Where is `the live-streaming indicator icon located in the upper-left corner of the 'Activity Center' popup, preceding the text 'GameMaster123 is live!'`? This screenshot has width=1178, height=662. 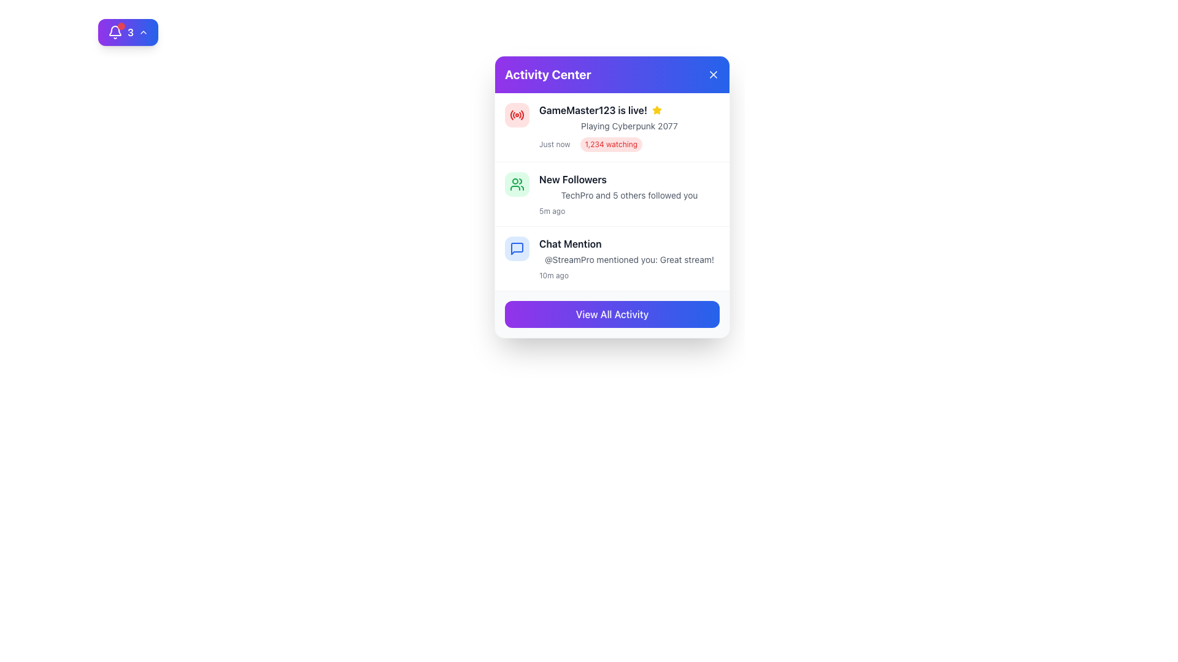
the live-streaming indicator icon located in the upper-left corner of the 'Activity Center' popup, preceding the text 'GameMaster123 is live!' is located at coordinates (517, 115).